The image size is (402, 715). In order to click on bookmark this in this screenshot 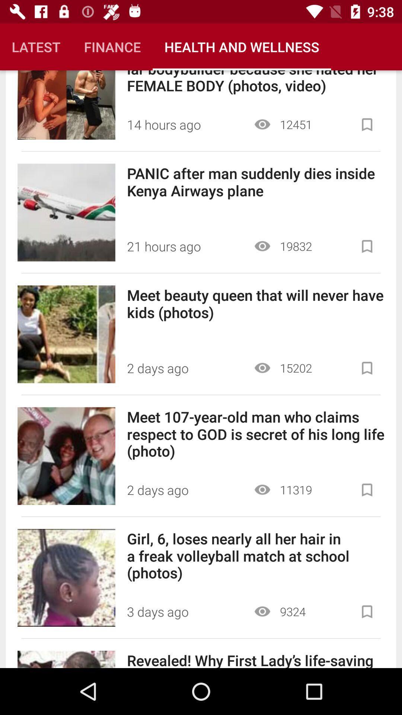, I will do `click(367, 490)`.